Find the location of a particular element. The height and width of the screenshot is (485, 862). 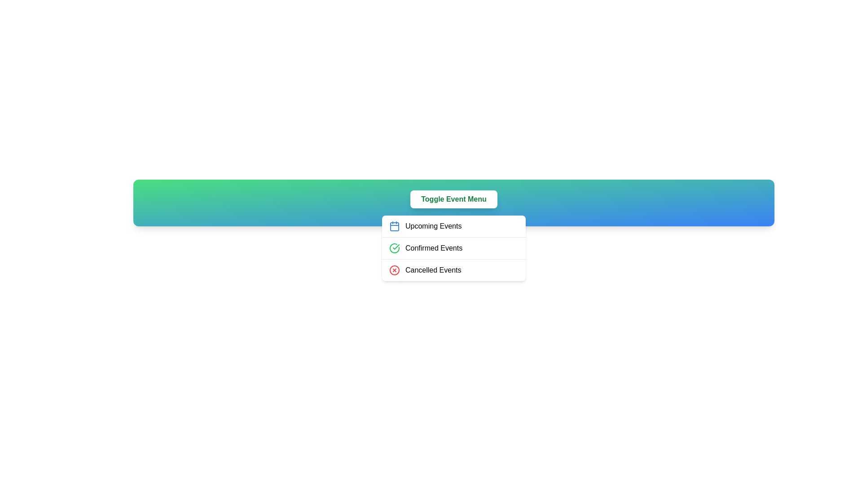

the 'Upcoming Events' option in the menu is located at coordinates (454, 226).